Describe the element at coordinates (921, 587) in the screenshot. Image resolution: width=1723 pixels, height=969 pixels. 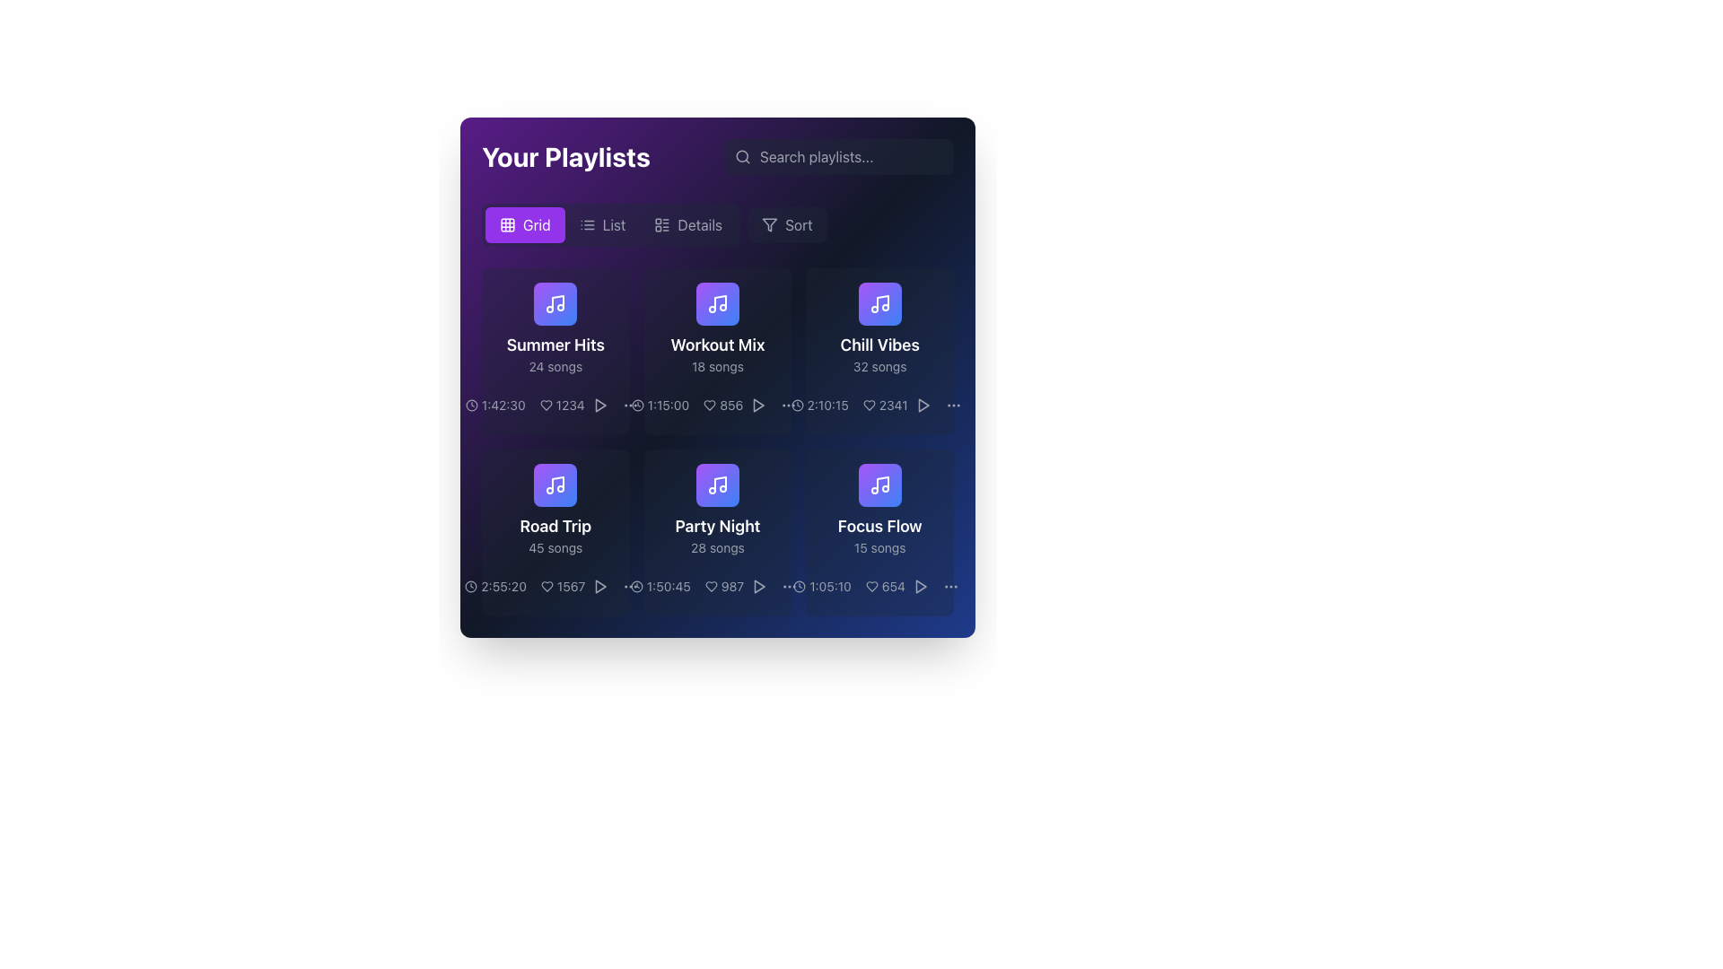
I see `keyboard navigation` at that location.